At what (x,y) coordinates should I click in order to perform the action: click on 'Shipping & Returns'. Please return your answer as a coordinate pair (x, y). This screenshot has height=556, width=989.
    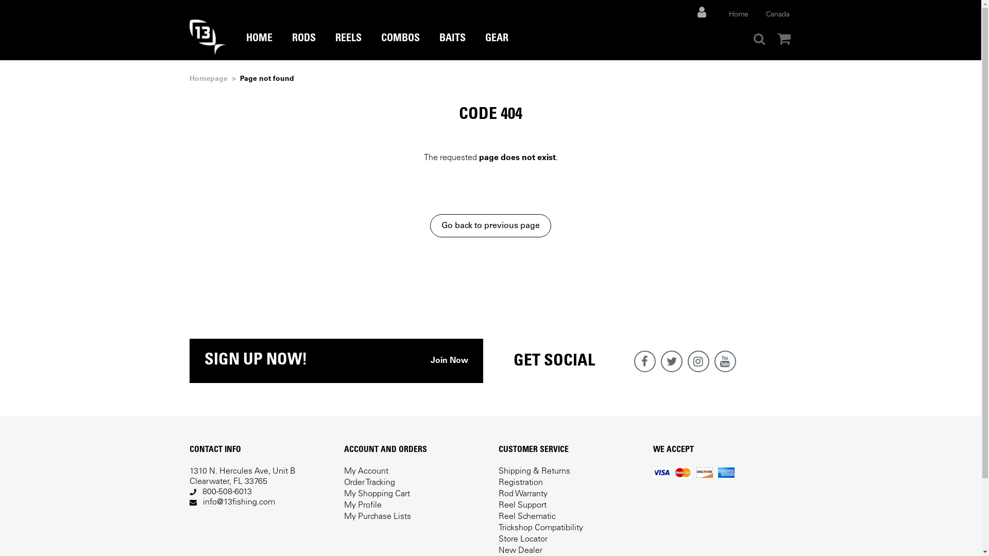
    Looking at the image, I should click on (534, 471).